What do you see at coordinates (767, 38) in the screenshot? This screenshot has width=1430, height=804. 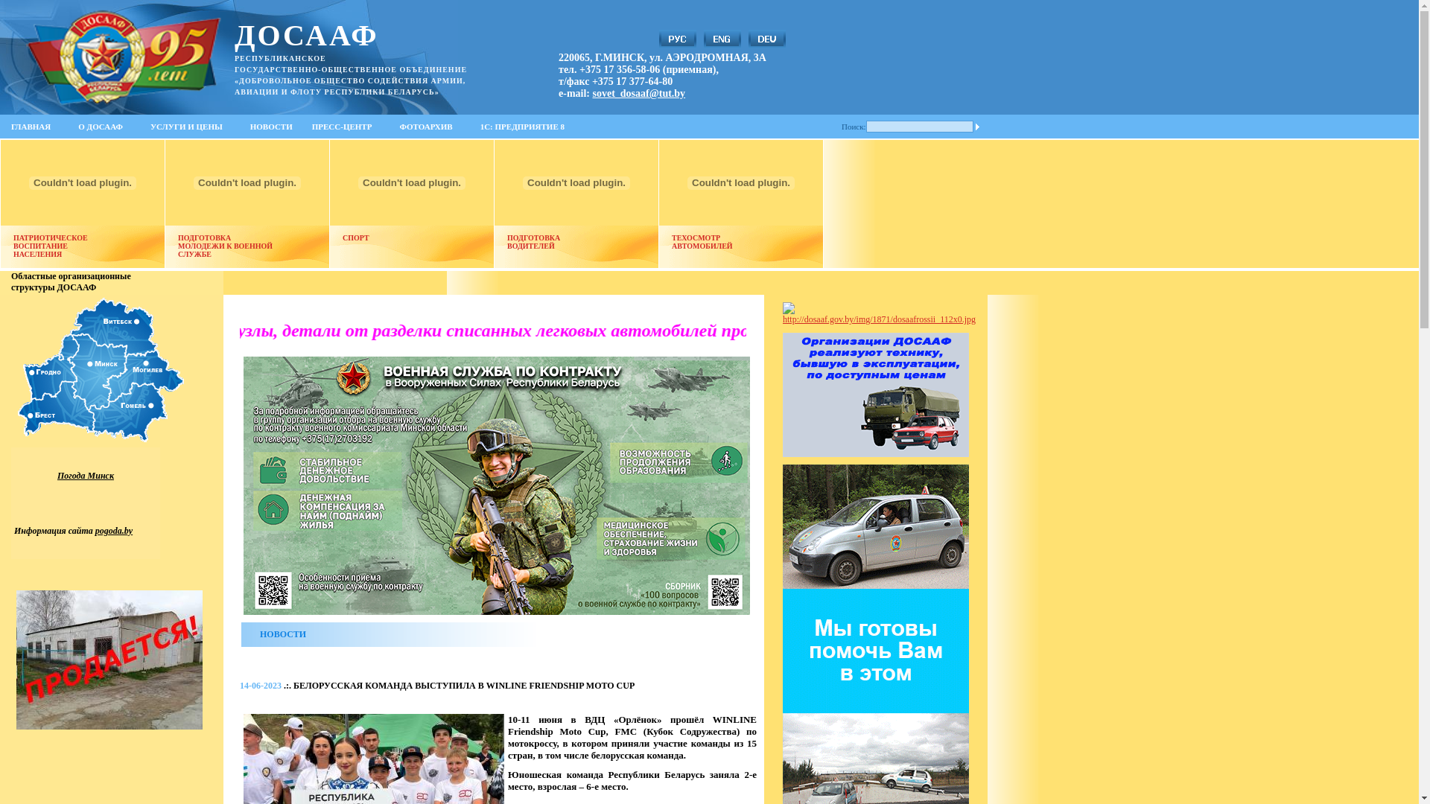 I see `'Deutsch'` at bounding box center [767, 38].